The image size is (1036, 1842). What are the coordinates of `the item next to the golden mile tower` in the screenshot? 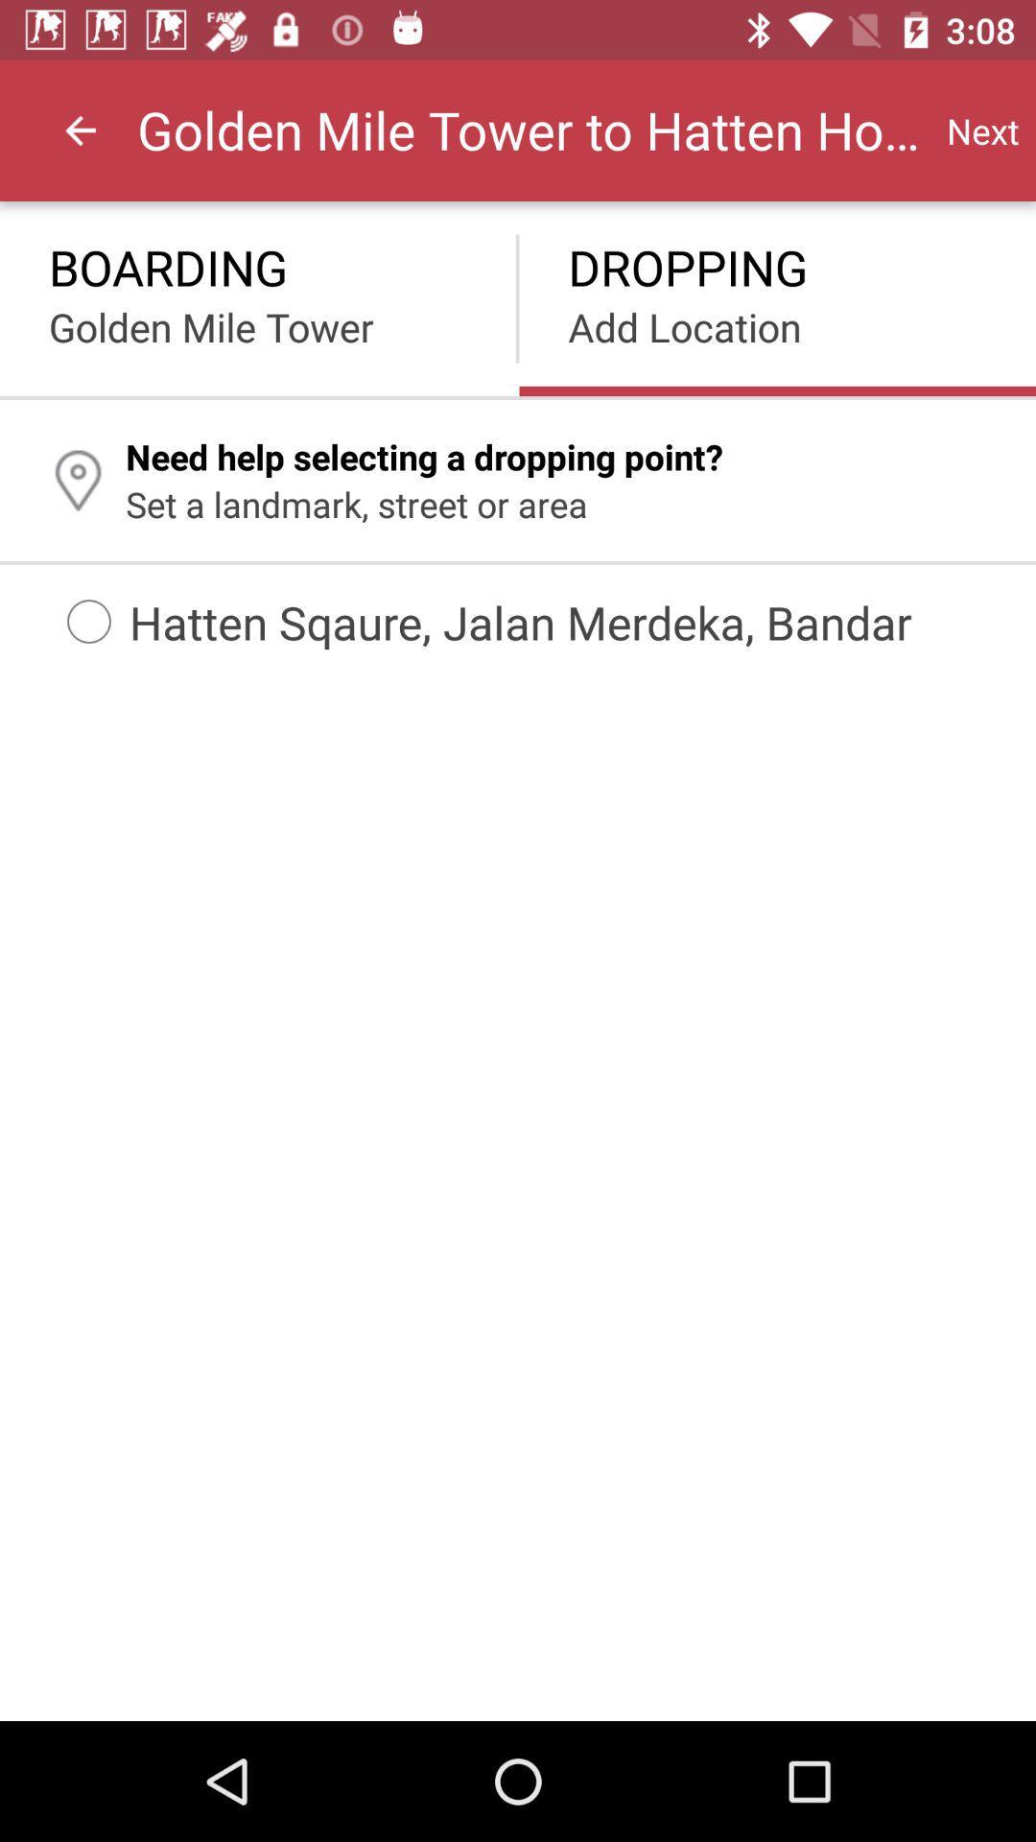 It's located at (982, 130).